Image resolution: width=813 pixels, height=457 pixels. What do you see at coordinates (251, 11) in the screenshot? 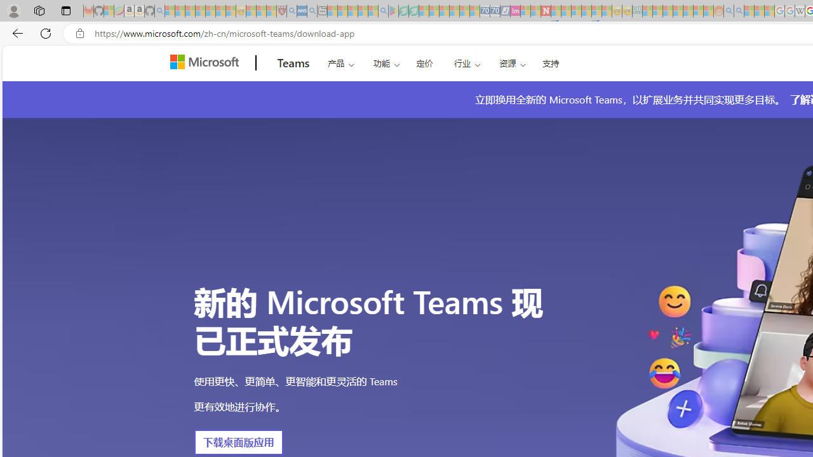
I see `'Recipes - MSN - Sleeping'` at bounding box center [251, 11].